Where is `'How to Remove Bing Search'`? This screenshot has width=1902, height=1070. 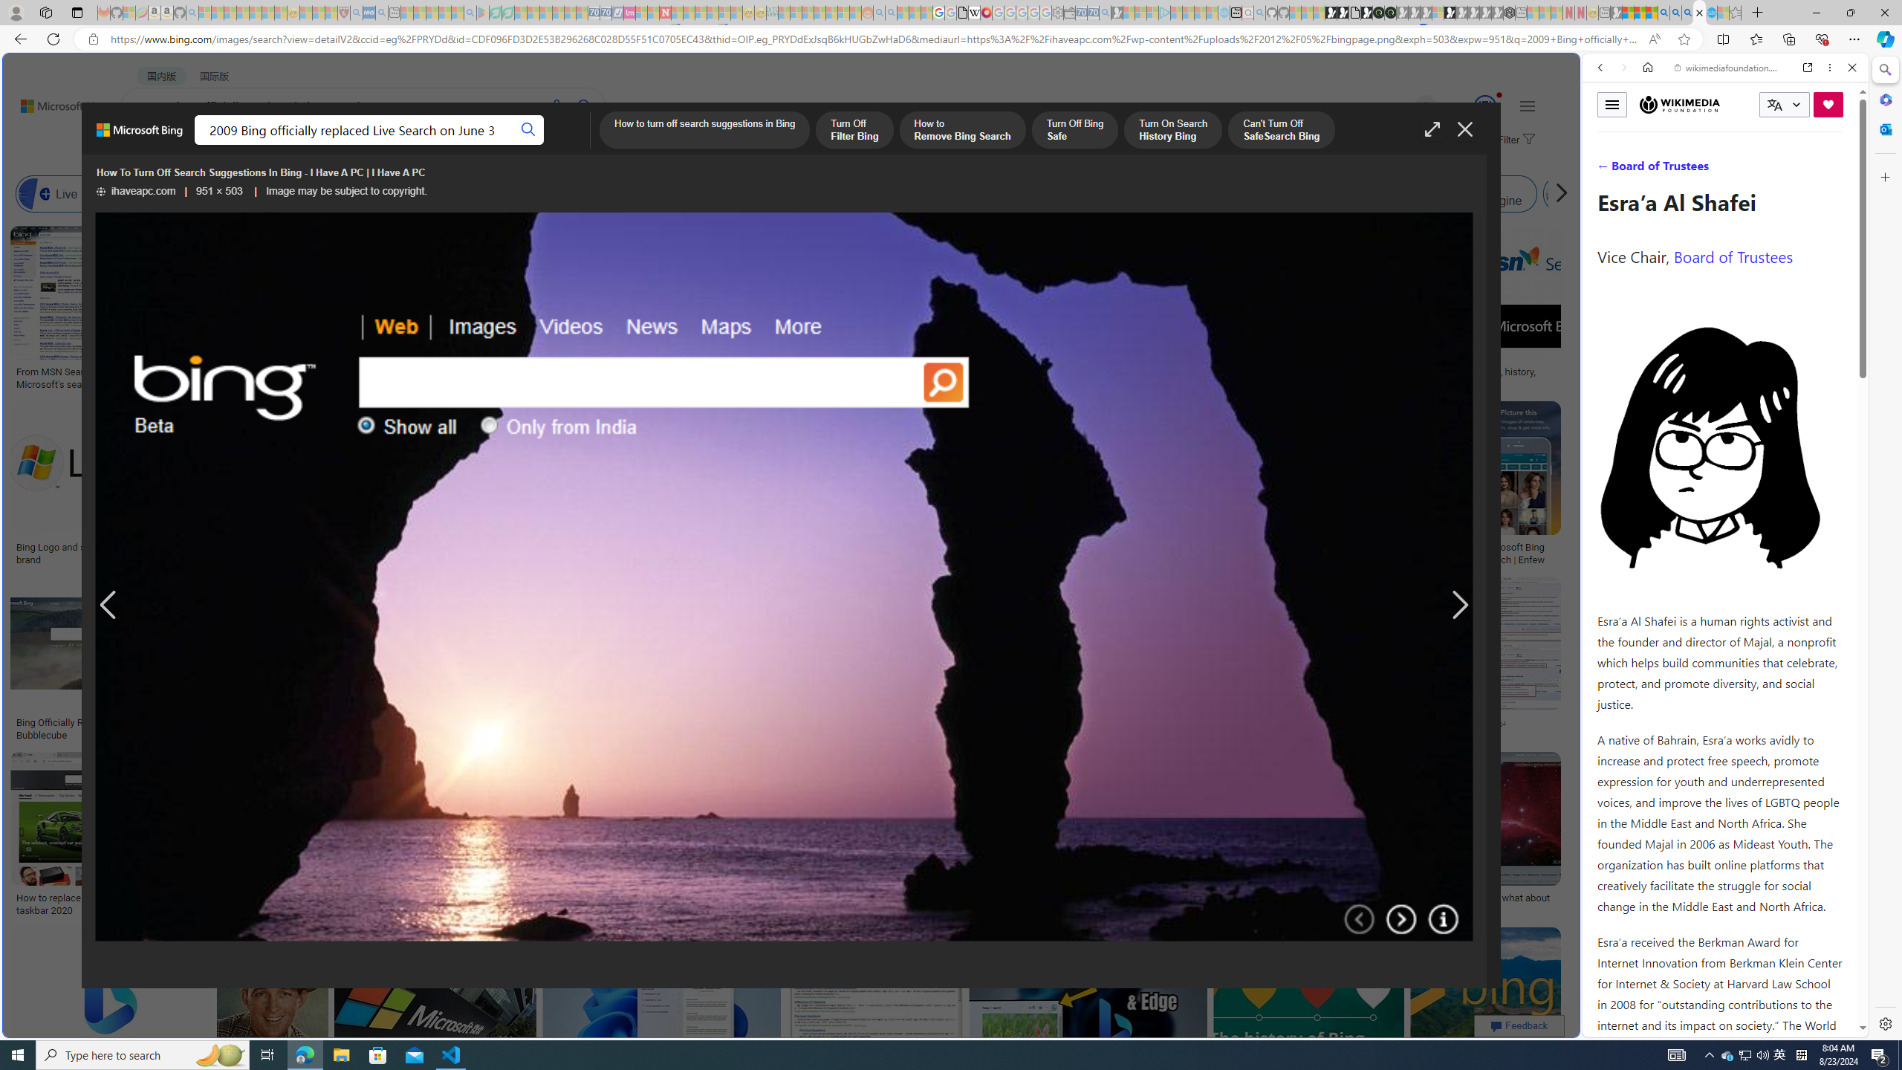 'How to Remove Bing Search' is located at coordinates (962, 131).